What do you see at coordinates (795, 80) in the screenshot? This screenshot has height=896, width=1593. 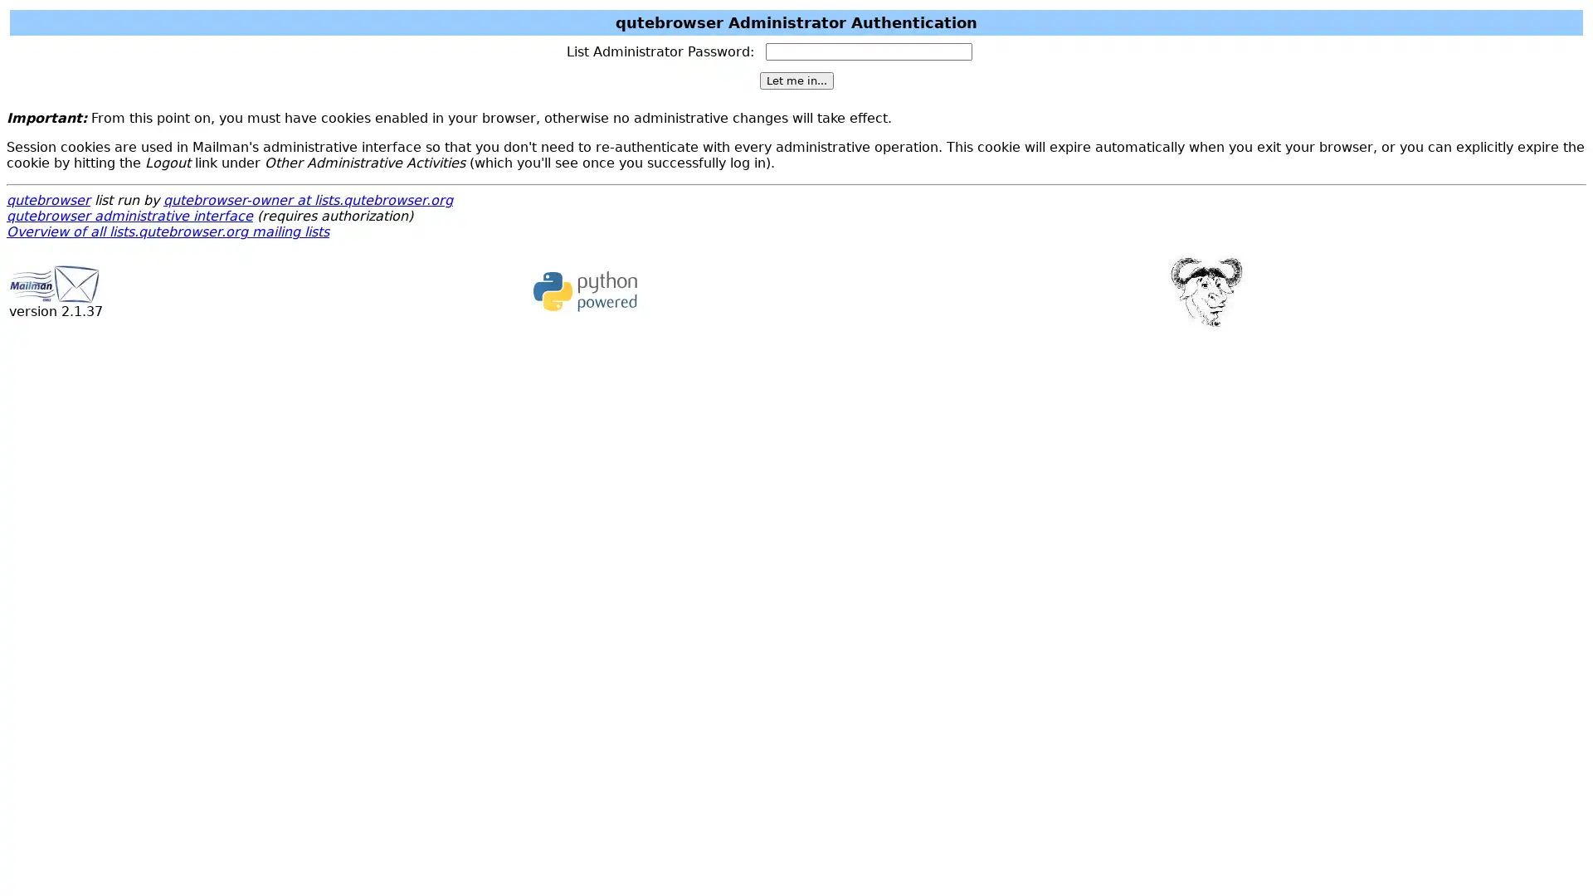 I see `Let me in...` at bounding box center [795, 80].